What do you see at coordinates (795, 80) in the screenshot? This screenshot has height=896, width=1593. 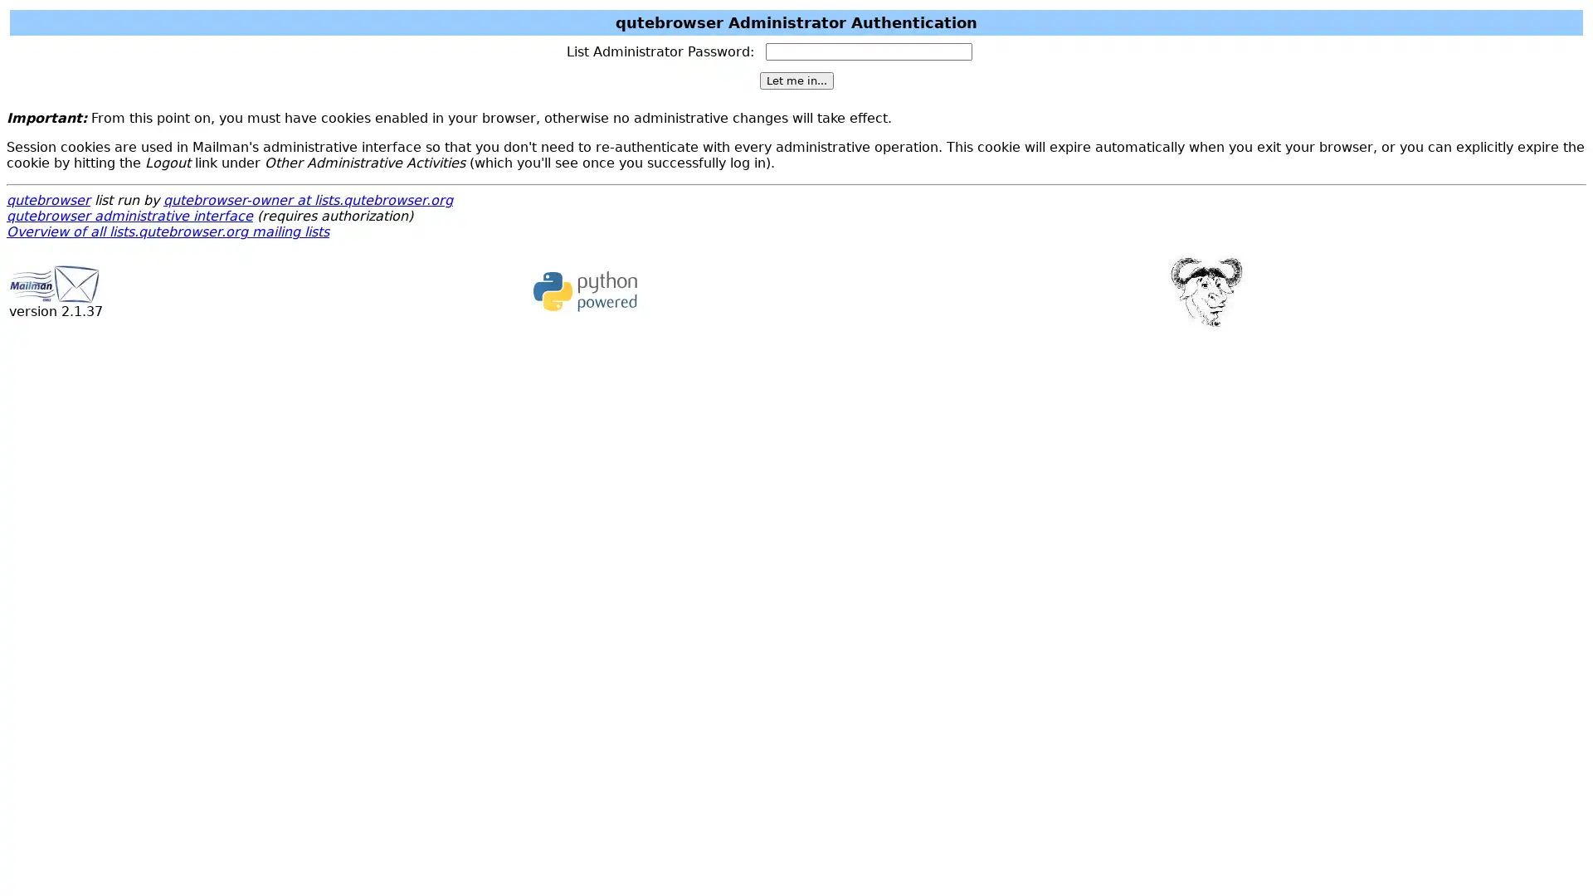 I see `Let me in...` at bounding box center [795, 80].